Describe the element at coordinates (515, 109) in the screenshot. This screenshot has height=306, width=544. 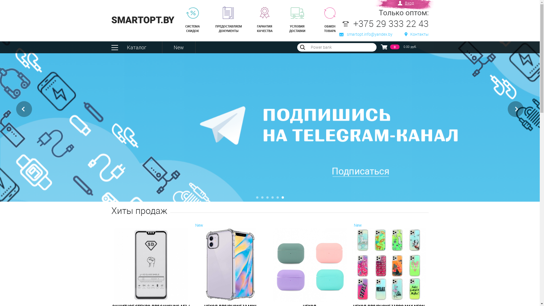
I see `'Next'` at that location.